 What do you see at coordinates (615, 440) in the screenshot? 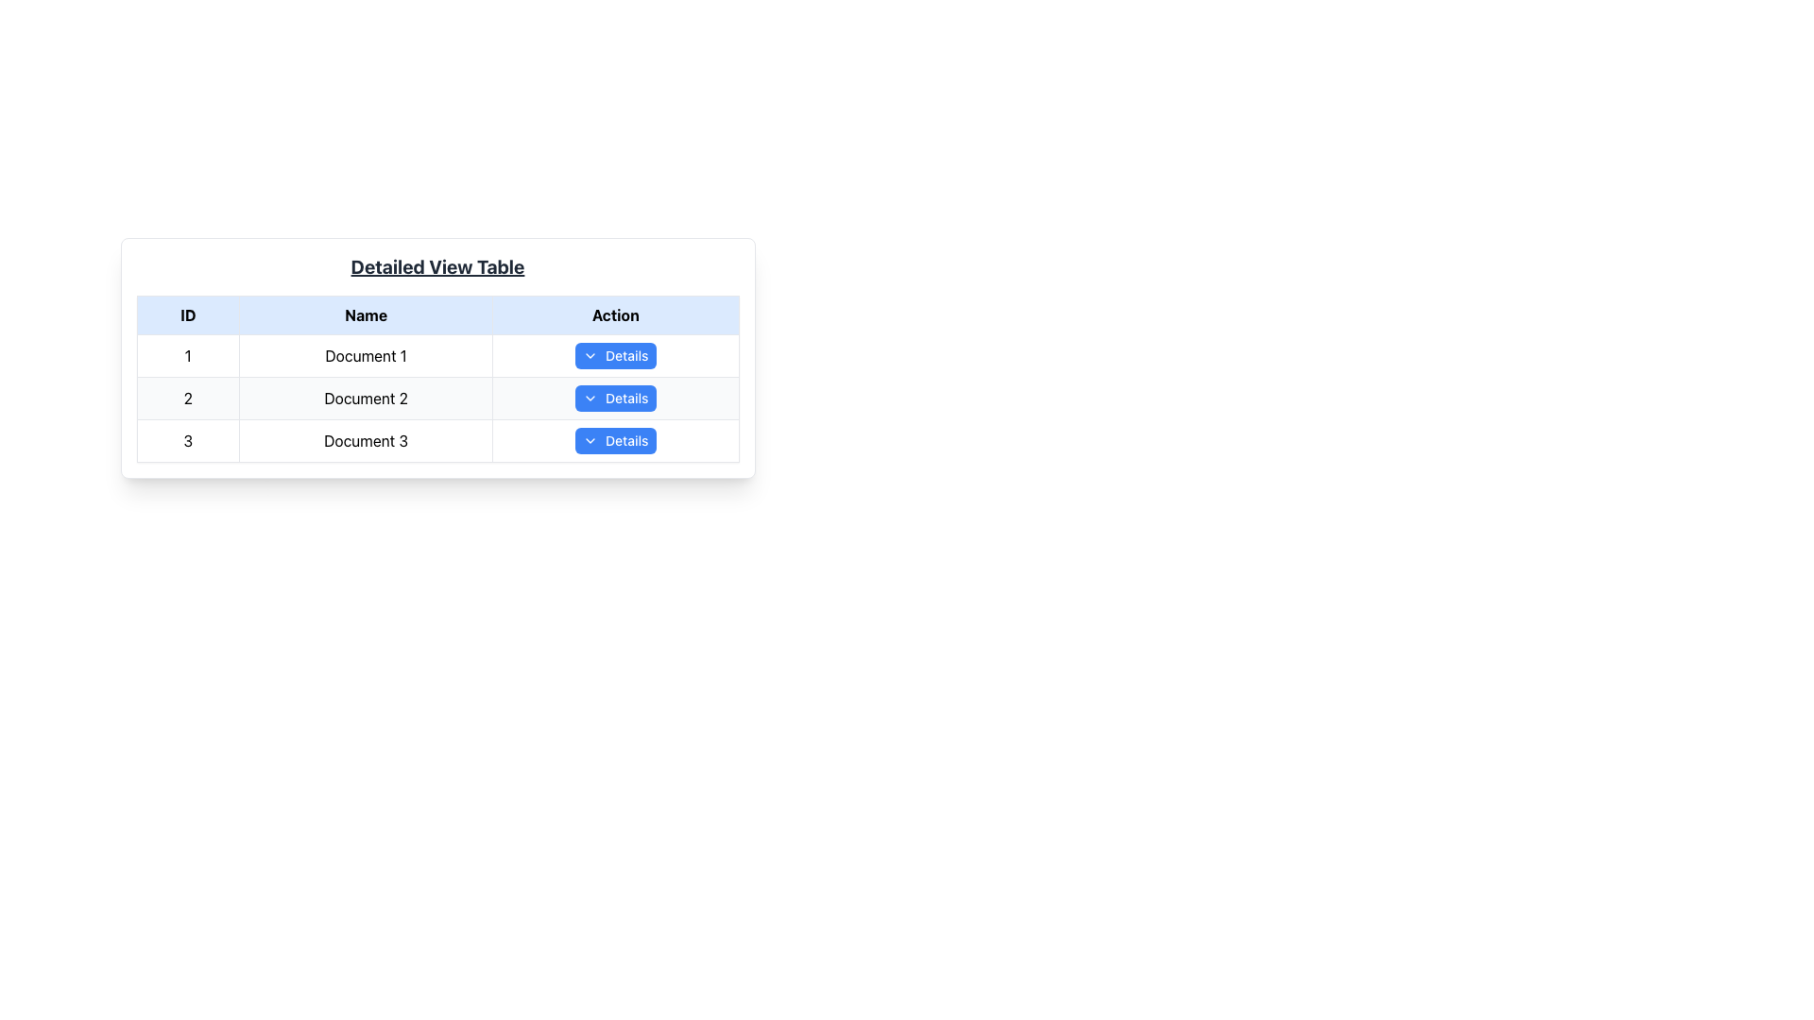
I see `the button in the third row of the 'Detailed View Table' under the 'Action' column` at bounding box center [615, 440].